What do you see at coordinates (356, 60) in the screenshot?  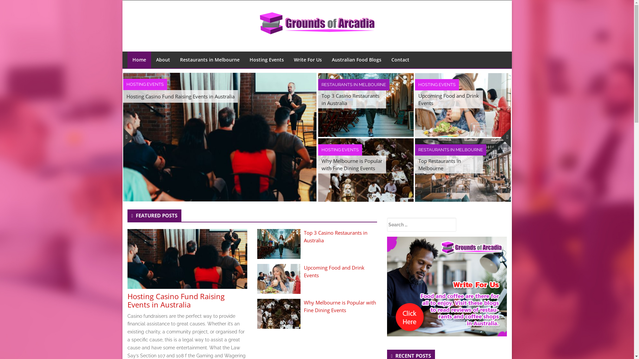 I see `'Australian Food Blogs'` at bounding box center [356, 60].